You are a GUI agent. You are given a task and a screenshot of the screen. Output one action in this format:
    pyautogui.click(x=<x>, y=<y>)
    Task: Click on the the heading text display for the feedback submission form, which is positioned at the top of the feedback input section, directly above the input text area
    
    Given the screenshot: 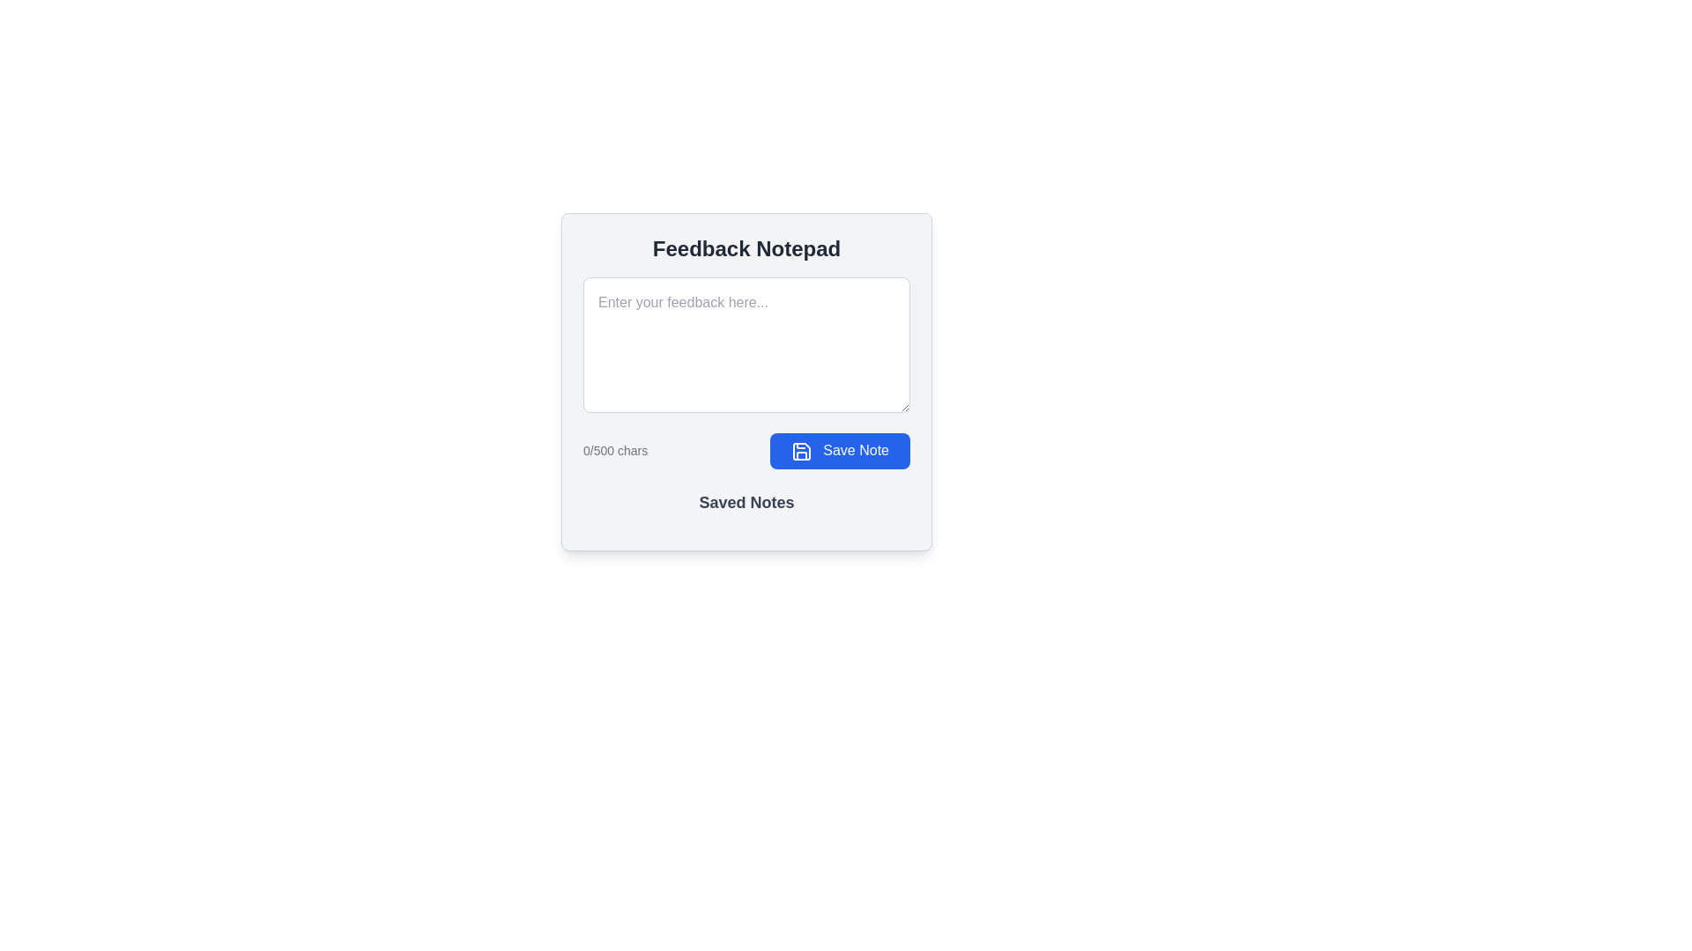 What is the action you would take?
    pyautogui.click(x=746, y=248)
    